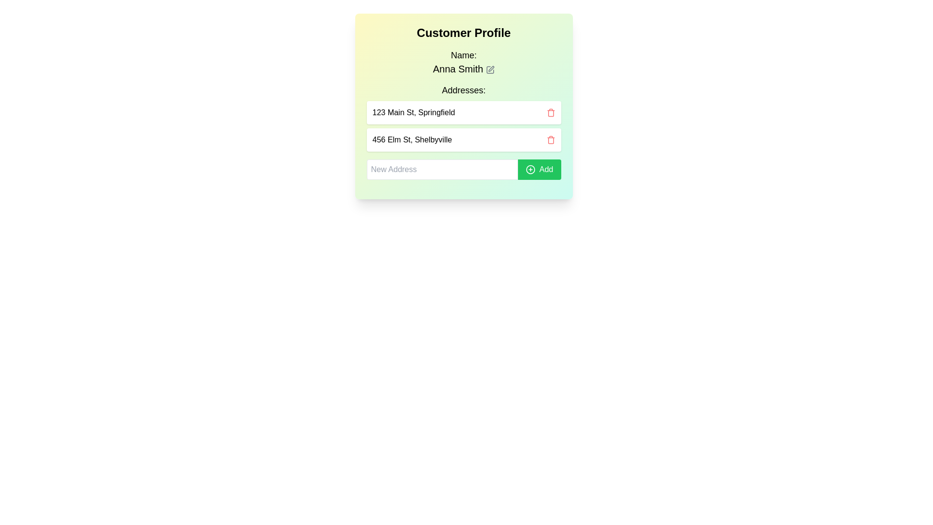  What do you see at coordinates (530, 169) in the screenshot?
I see `the decorative graphical shape within the 'Add' button located next to the 'New Address' text input field in the address management panel` at bounding box center [530, 169].